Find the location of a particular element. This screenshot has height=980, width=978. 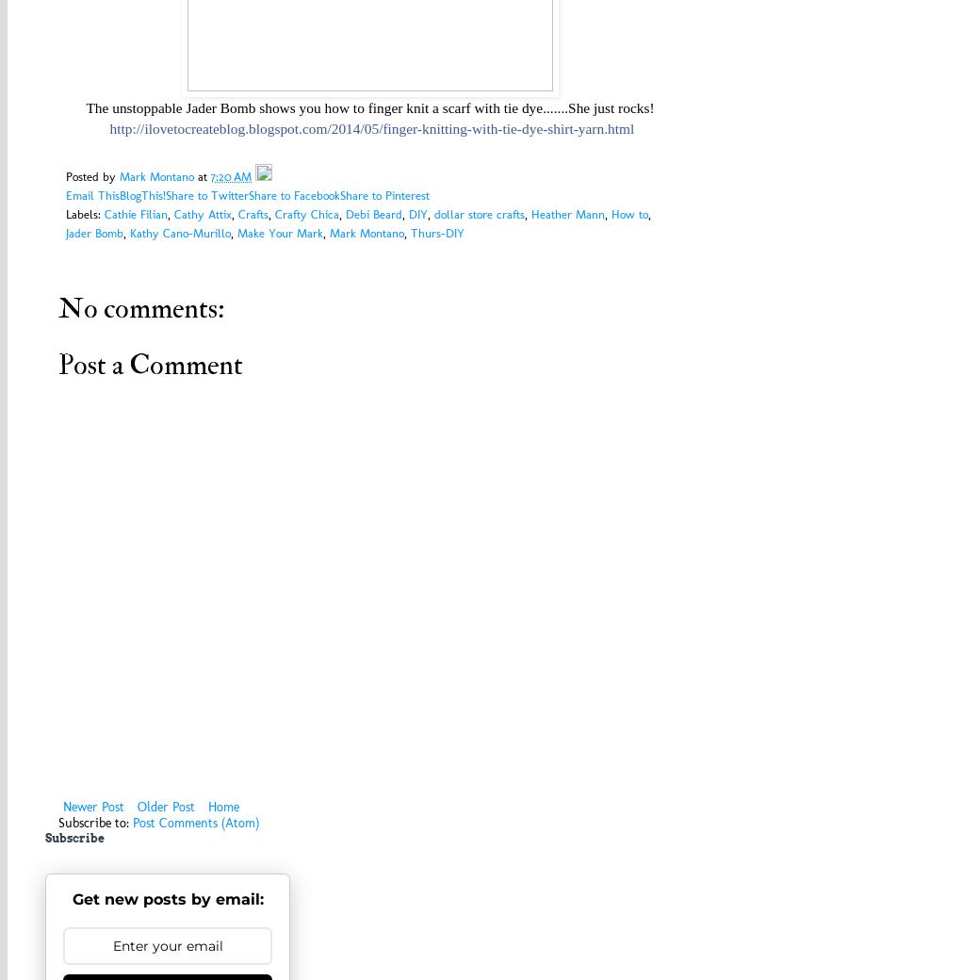

'How to' is located at coordinates (610, 214).